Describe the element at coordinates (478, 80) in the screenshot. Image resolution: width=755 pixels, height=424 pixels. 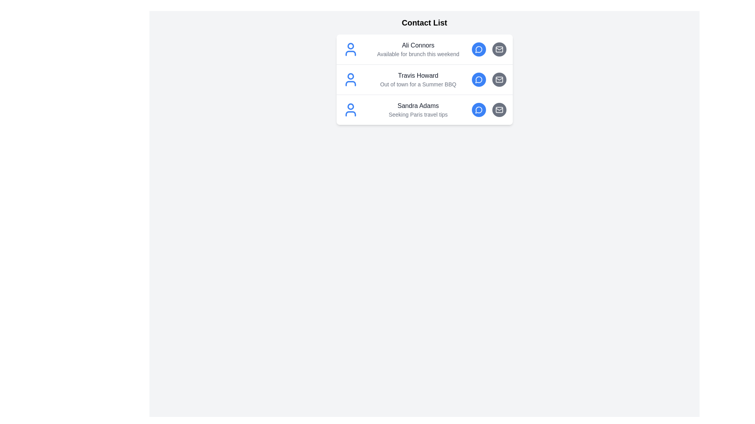
I see `the rounded blue button with a white speech bubble icon to initiate a chat, located in the second row of buttons next to the 'Out of town for a Summer BBQ' text and left of the gray email button` at that location.